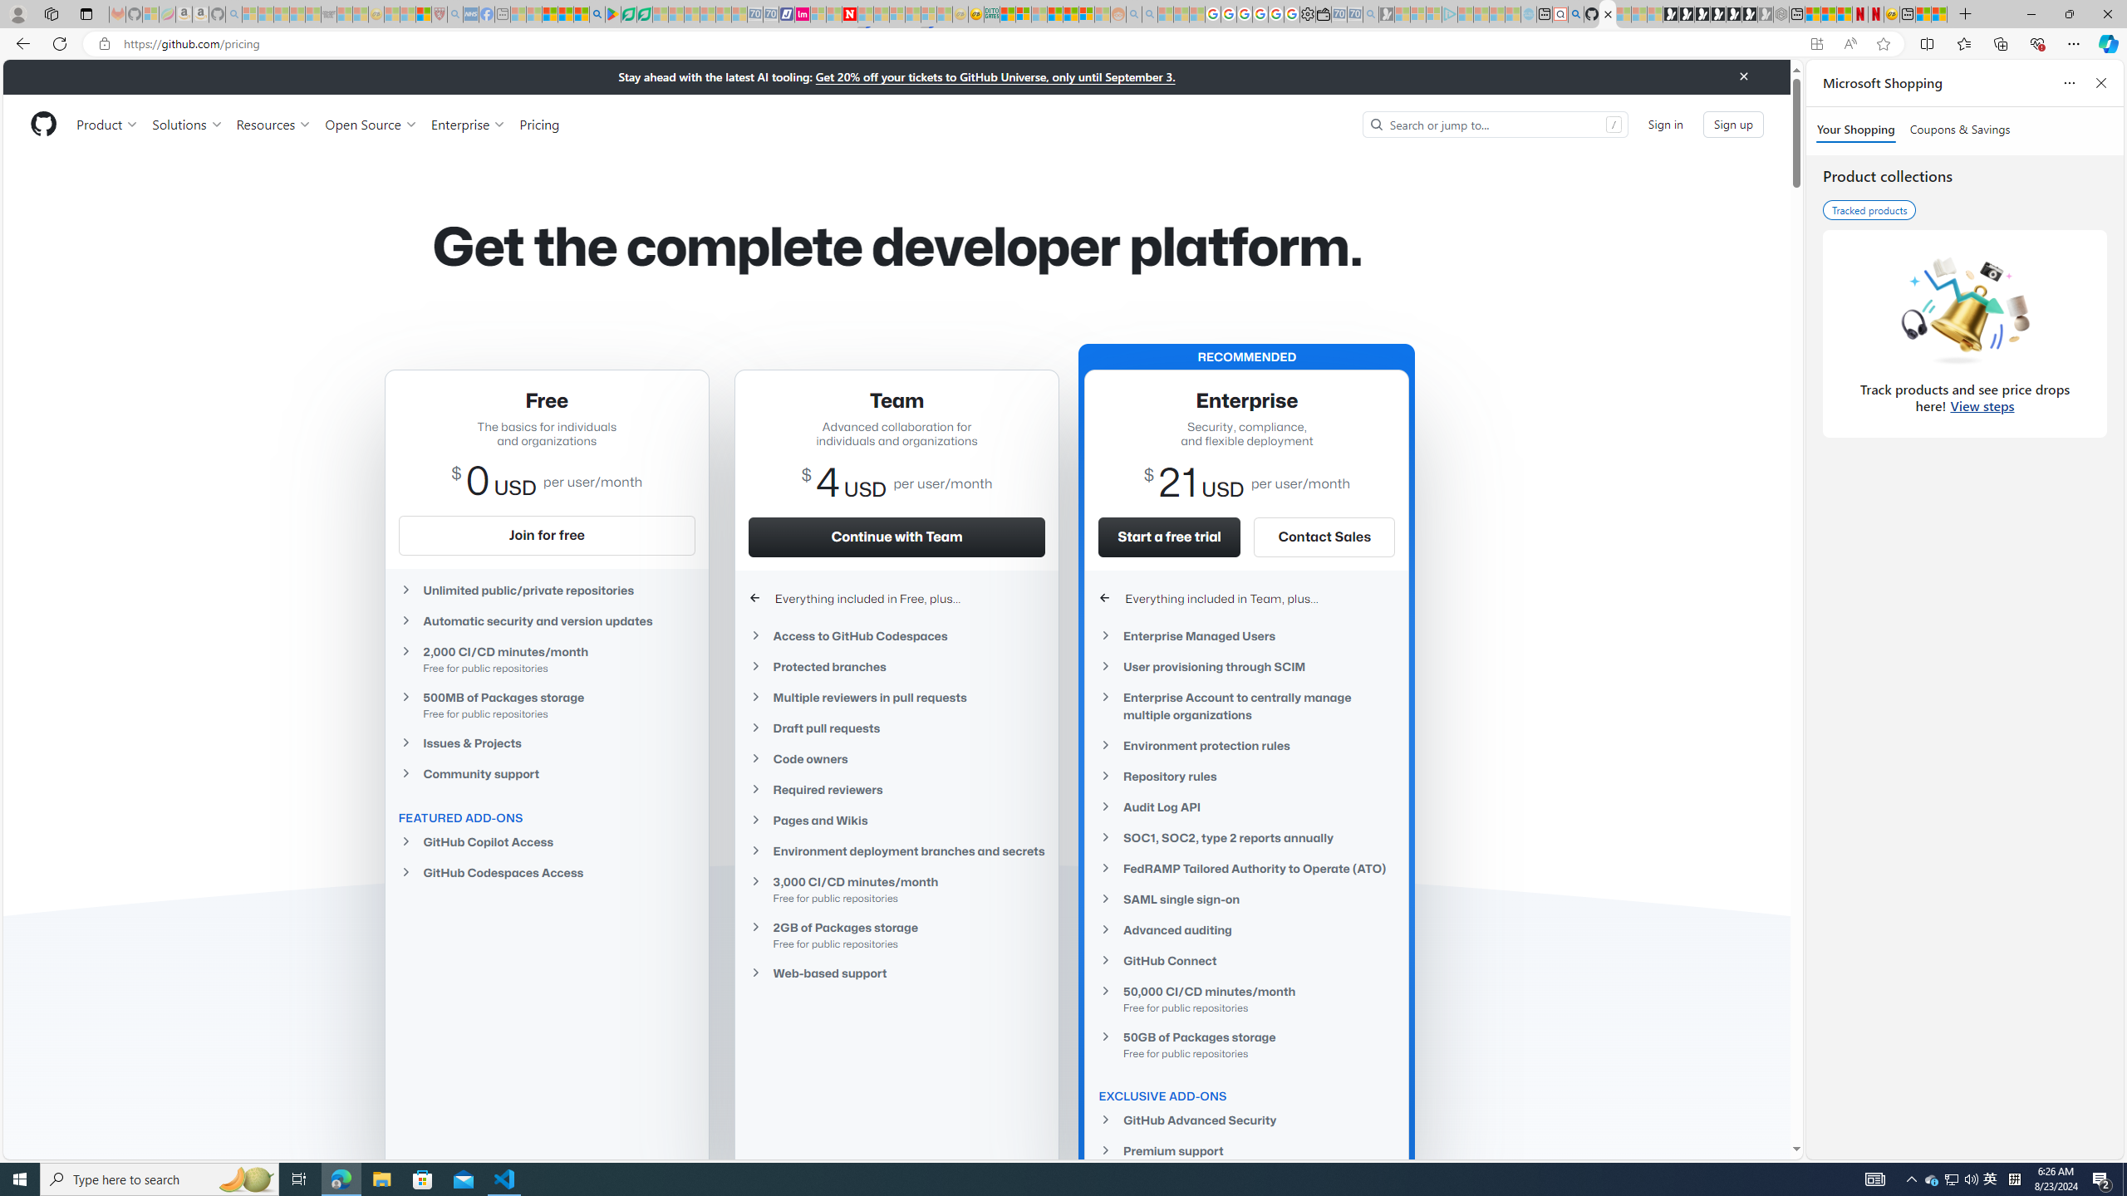 Image resolution: width=2127 pixels, height=1196 pixels. I want to click on 'Unlimited public/private repositories', so click(545, 589).